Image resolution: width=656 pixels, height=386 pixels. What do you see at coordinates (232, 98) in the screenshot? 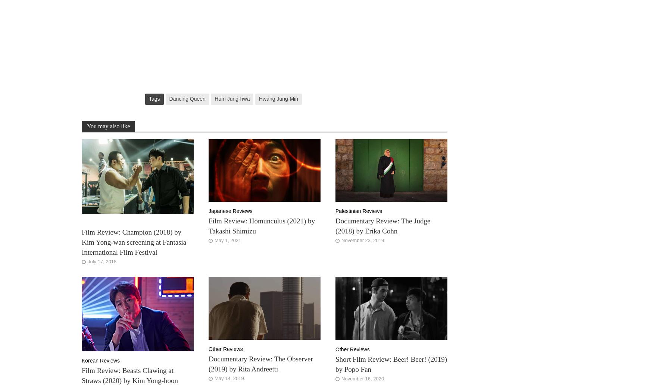
I see `'Hum Jung-hwa'` at bounding box center [232, 98].